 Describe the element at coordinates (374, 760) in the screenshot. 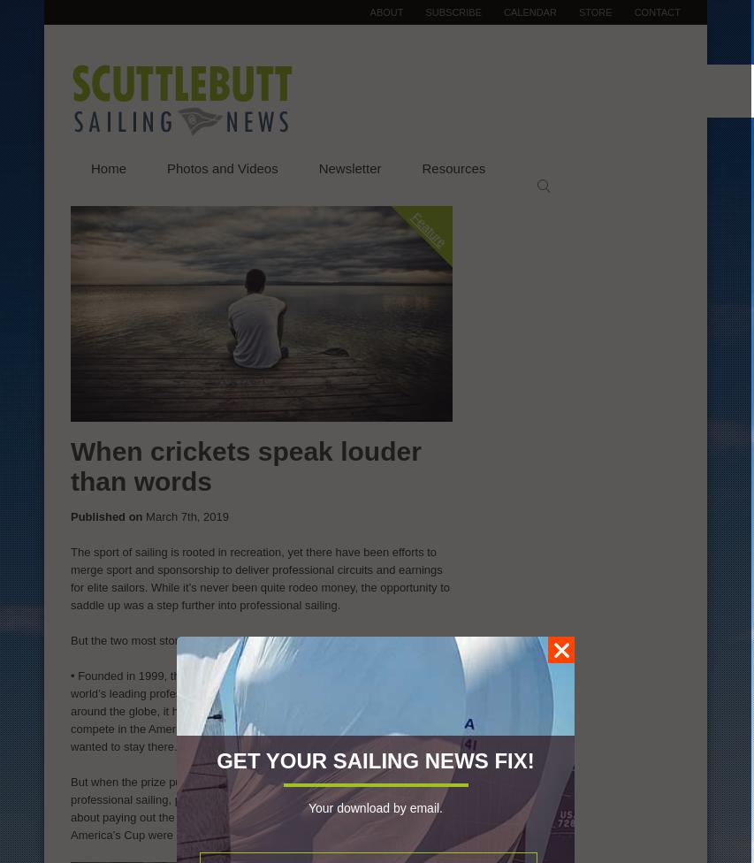

I see `'Get Your Sailing News Fix!'` at that location.